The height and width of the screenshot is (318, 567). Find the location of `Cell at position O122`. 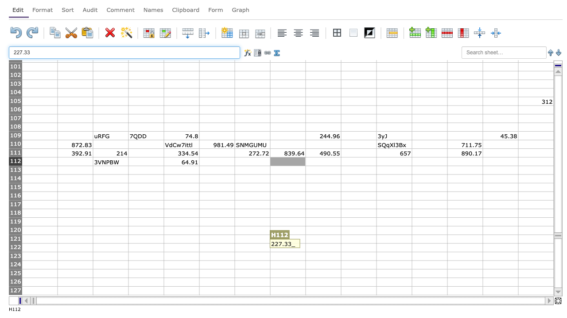

Cell at position O122 is located at coordinates (535, 247).